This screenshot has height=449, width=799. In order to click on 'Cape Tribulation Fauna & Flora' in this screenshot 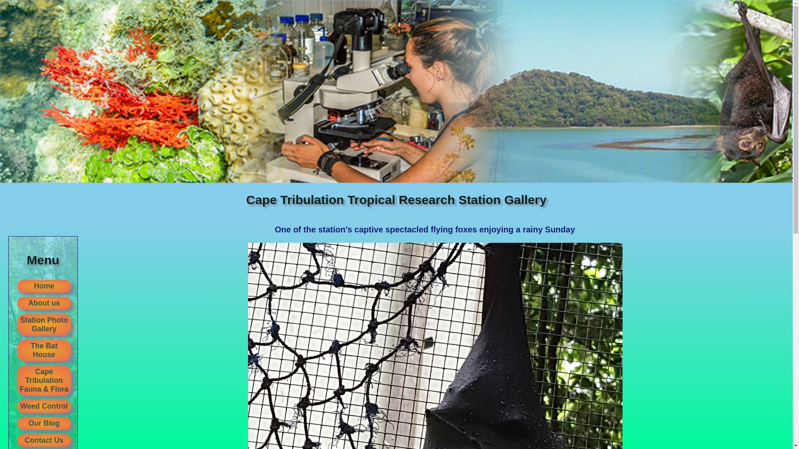, I will do `click(43, 380)`.